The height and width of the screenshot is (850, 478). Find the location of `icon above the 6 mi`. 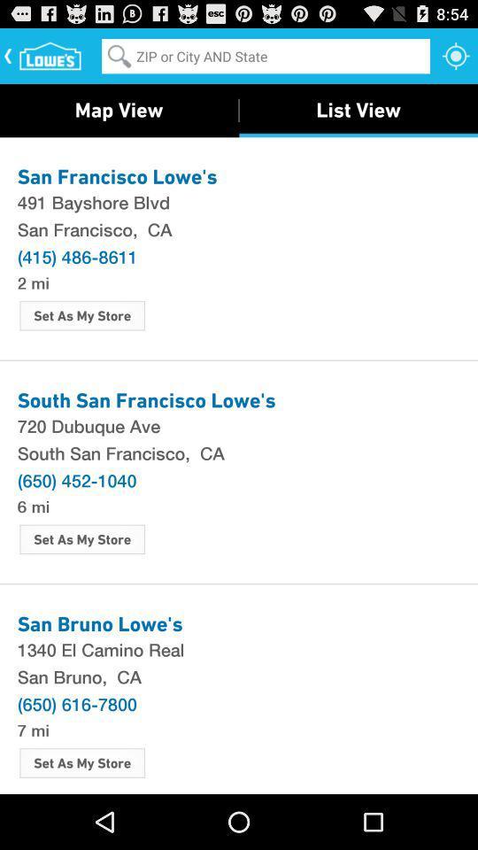

icon above the 6 mi is located at coordinates (76, 480).